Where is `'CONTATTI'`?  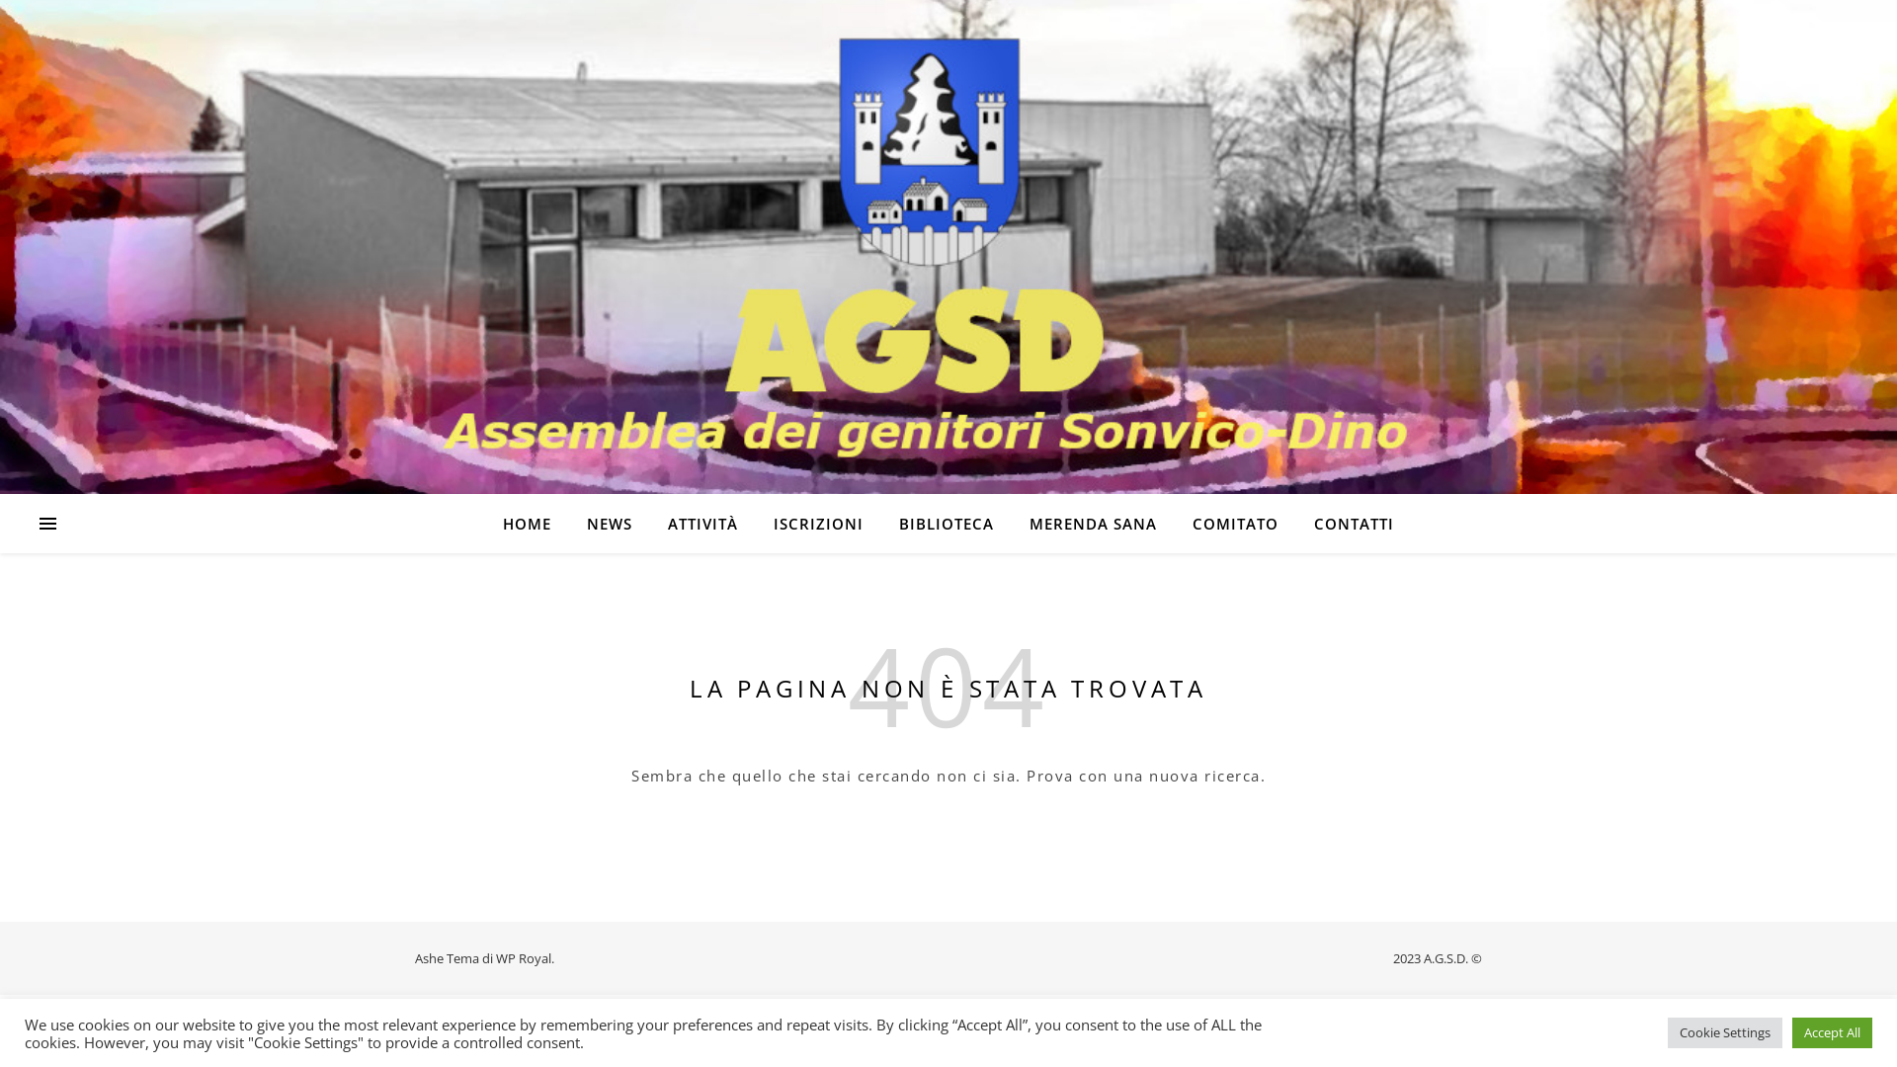 'CONTATTI' is located at coordinates (1345, 522).